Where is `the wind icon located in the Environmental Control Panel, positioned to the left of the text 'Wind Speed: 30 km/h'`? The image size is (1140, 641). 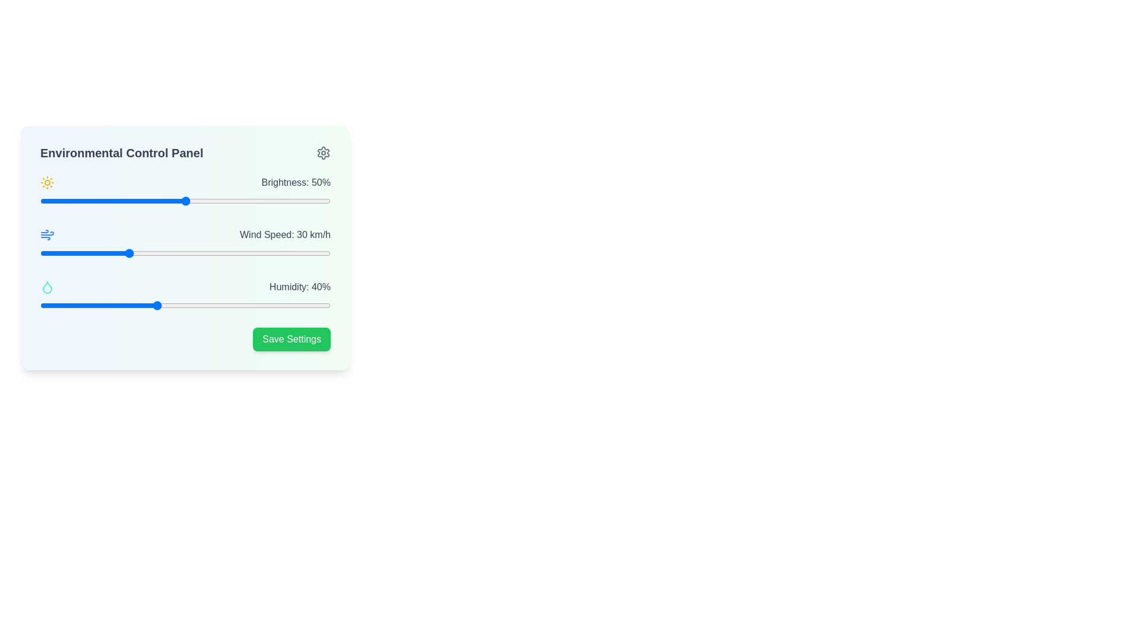 the wind icon located in the Environmental Control Panel, positioned to the left of the text 'Wind Speed: 30 km/h' is located at coordinates (47, 235).